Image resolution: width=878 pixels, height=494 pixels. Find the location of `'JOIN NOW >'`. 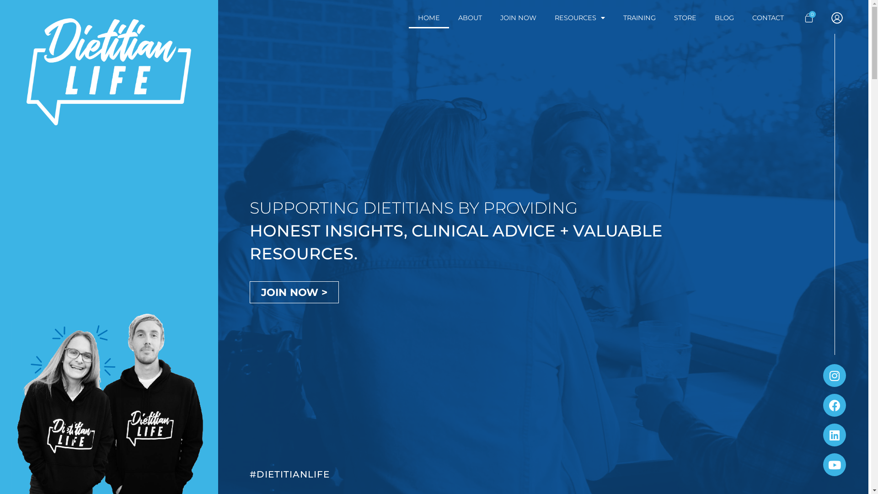

'JOIN NOW >' is located at coordinates (294, 292).